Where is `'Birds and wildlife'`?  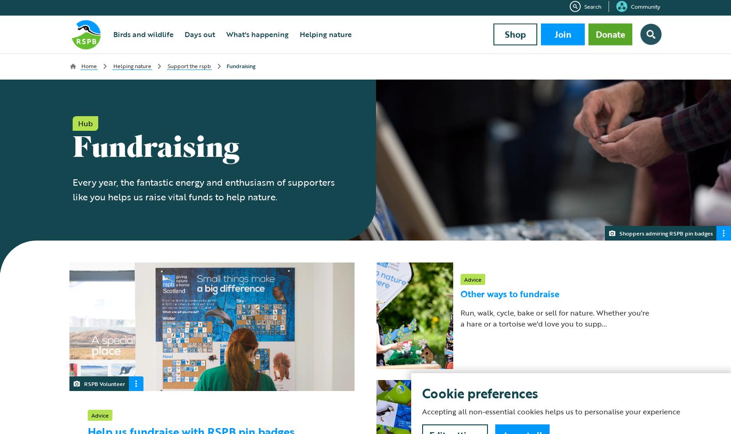 'Birds and wildlife' is located at coordinates (143, 38).